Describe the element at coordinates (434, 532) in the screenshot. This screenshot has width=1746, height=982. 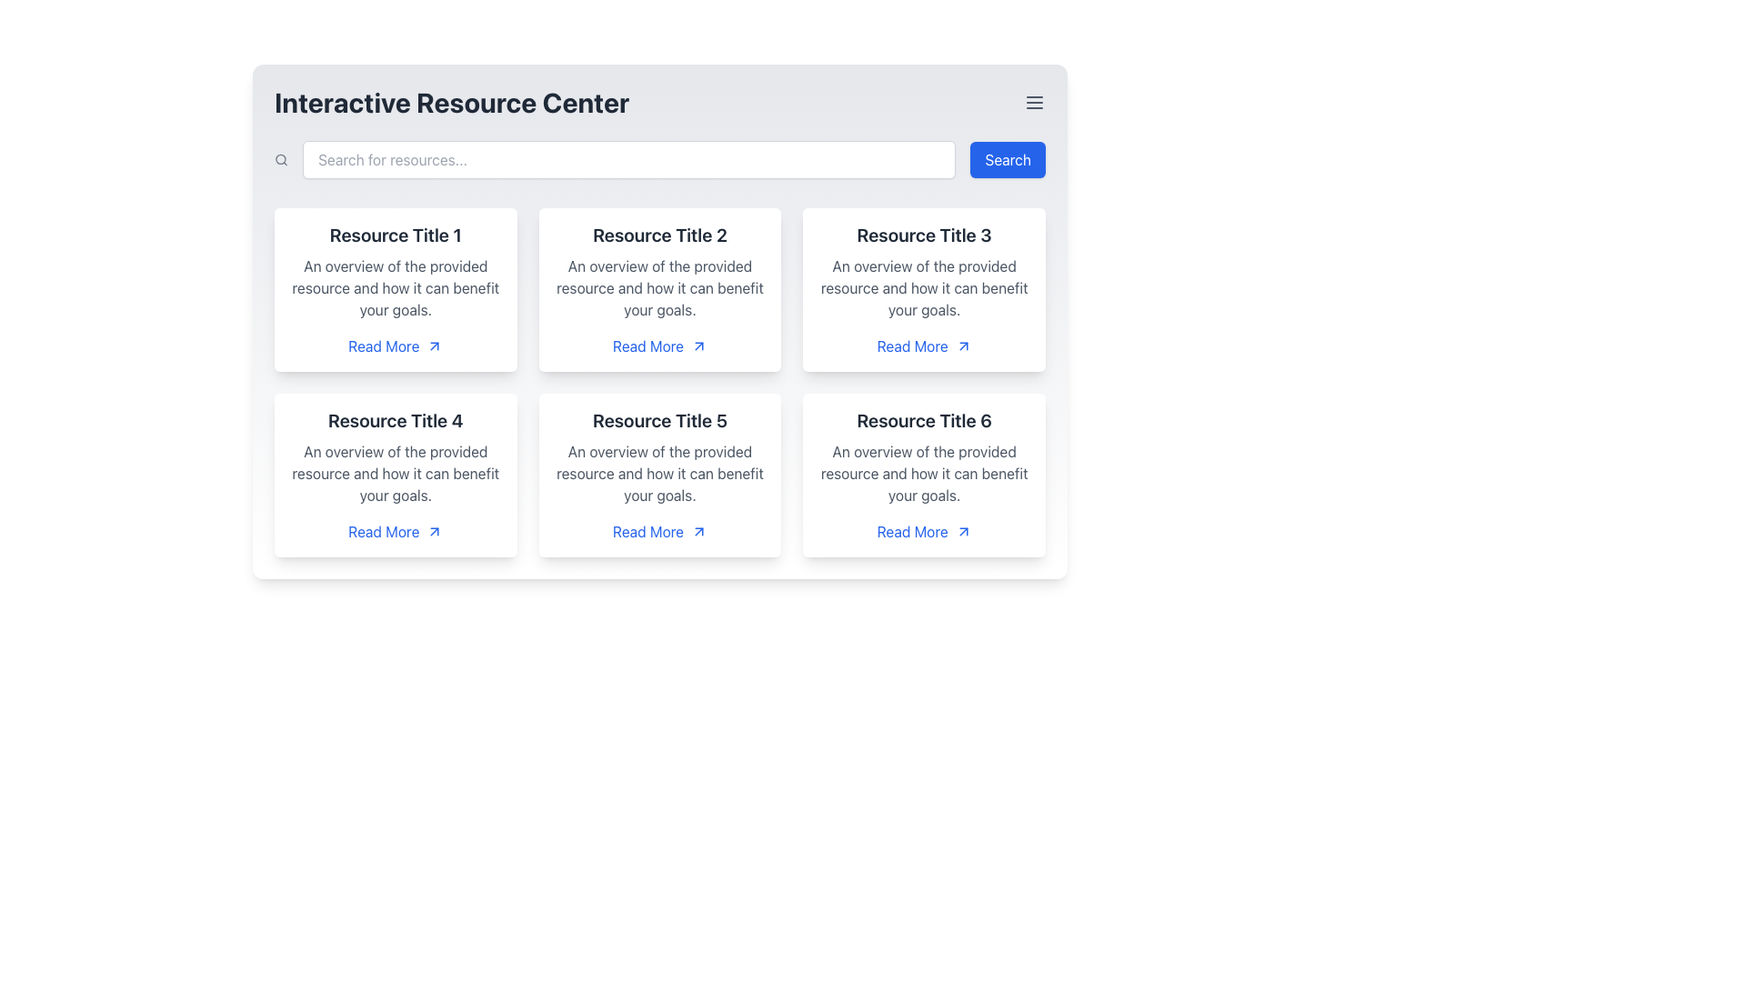
I see `the 'Read More' link associated with the upward right arrow icon located in the fourth card labeled 'Resource Title 4'` at that location.